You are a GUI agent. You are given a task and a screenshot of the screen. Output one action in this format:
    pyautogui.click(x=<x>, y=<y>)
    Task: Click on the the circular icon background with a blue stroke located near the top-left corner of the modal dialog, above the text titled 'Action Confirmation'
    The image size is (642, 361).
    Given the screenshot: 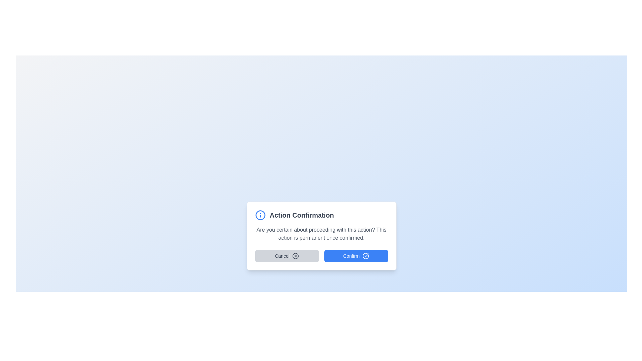 What is the action you would take?
    pyautogui.click(x=260, y=215)
    